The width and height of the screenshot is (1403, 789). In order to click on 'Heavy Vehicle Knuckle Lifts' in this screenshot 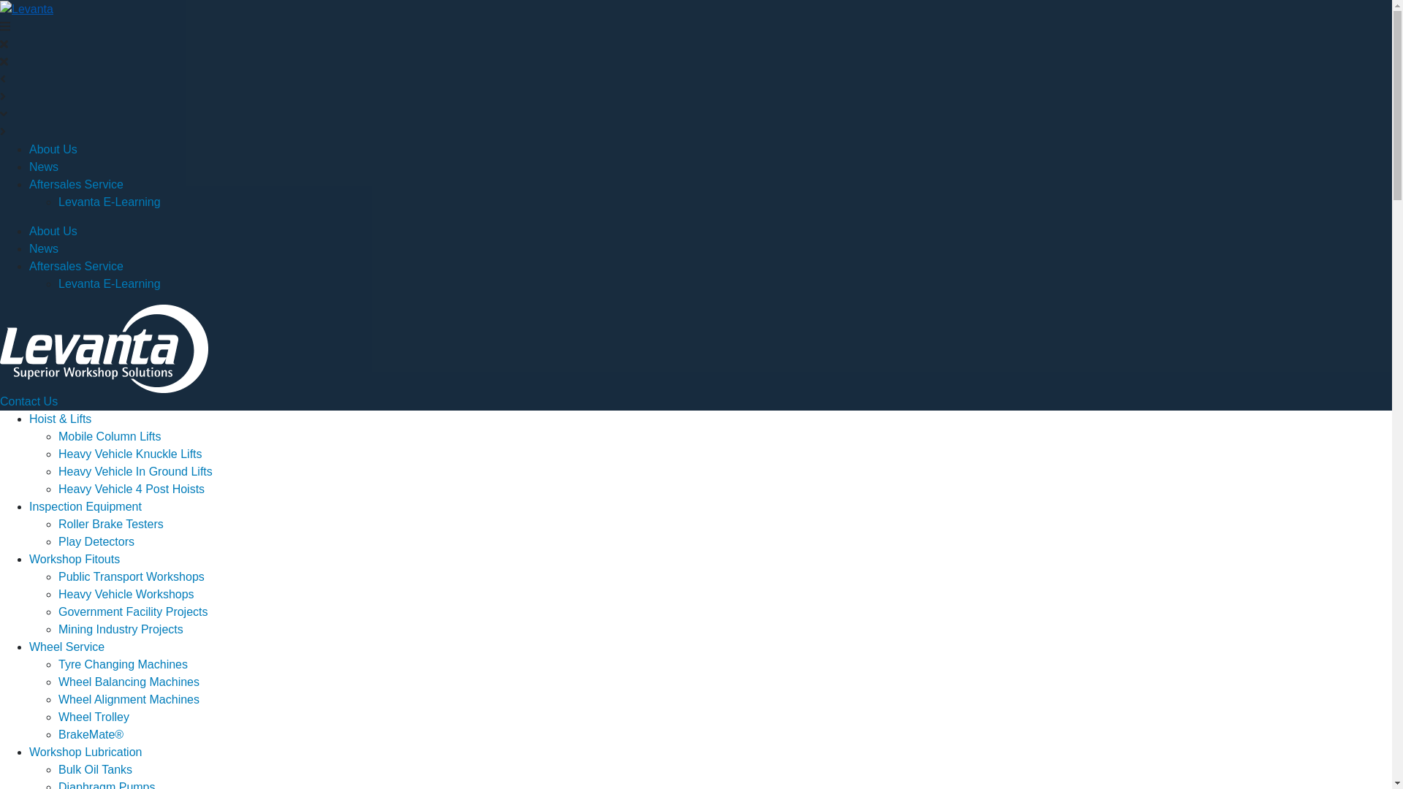, I will do `click(130, 453)`.